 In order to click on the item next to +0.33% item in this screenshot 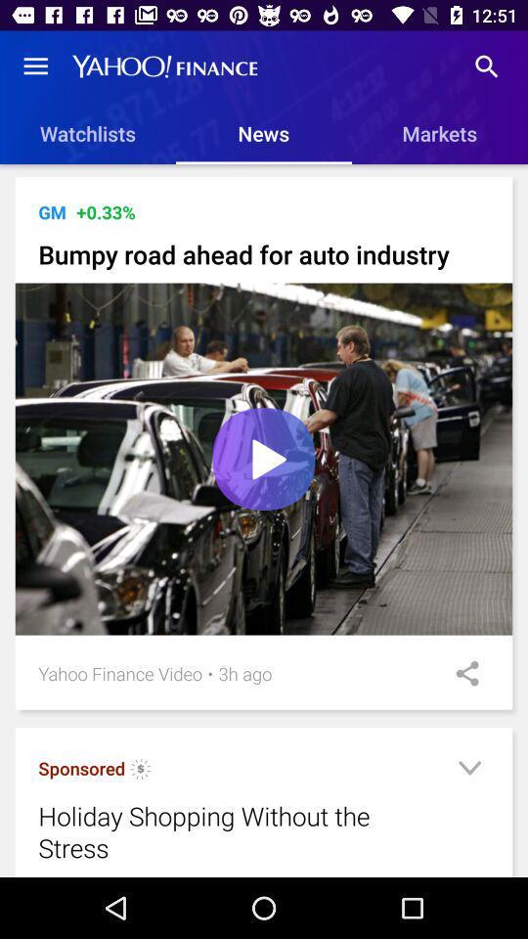, I will do `click(52, 212)`.